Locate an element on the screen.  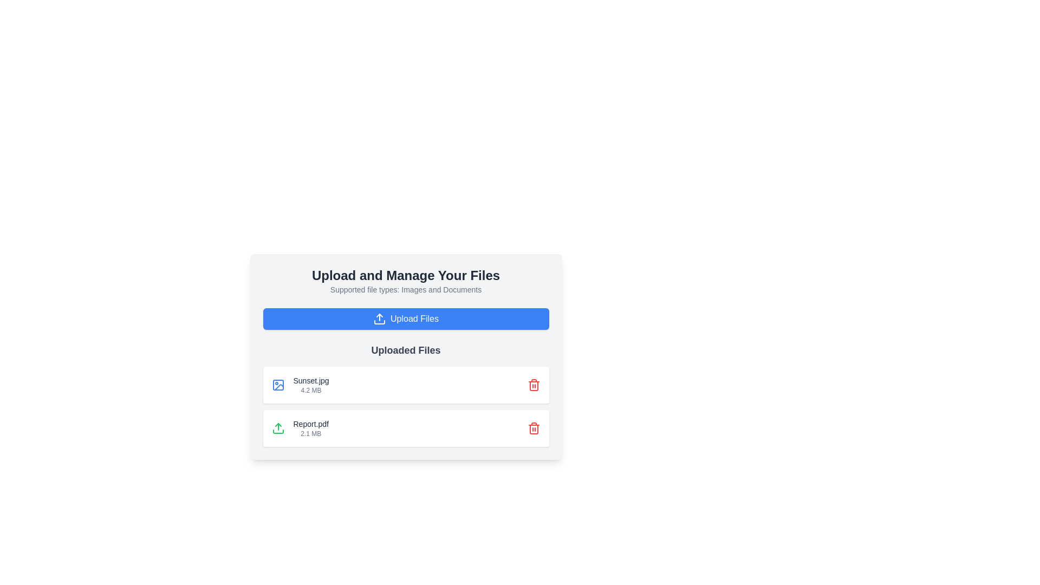
the file display component representing the uploaded file 'Report.pdf', which is the second entry in the list located beneath 'Sunset.jpg' is located at coordinates (405, 427).